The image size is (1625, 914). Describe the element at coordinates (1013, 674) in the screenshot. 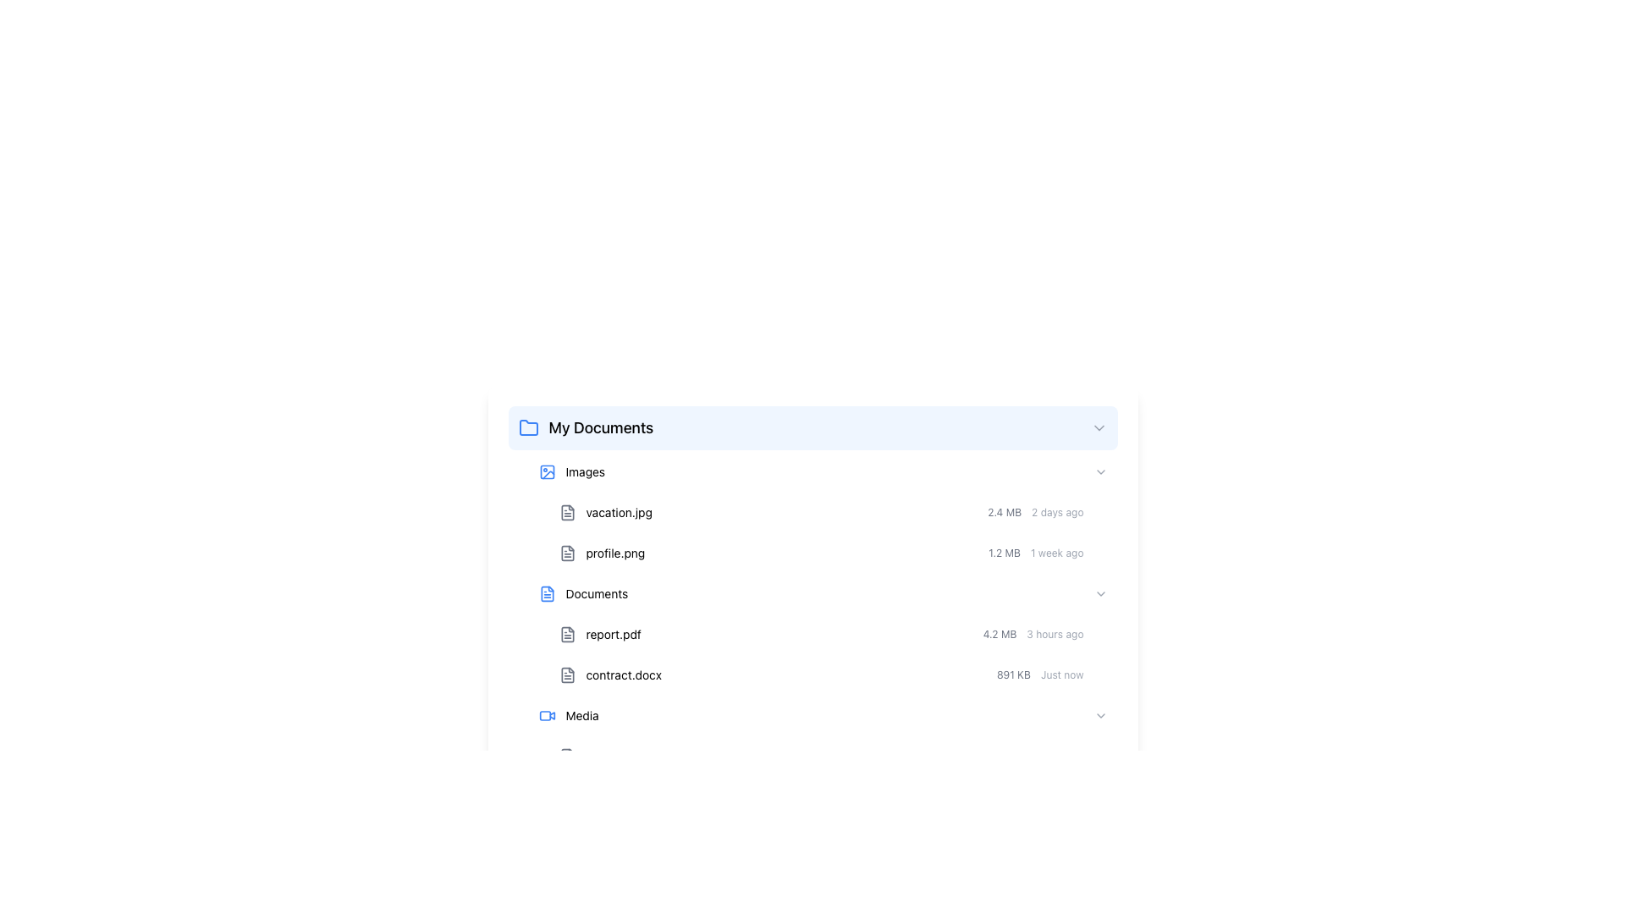

I see `the Label displaying '891 KB' in small gray font, indicating file size within the Documents folder section` at that location.